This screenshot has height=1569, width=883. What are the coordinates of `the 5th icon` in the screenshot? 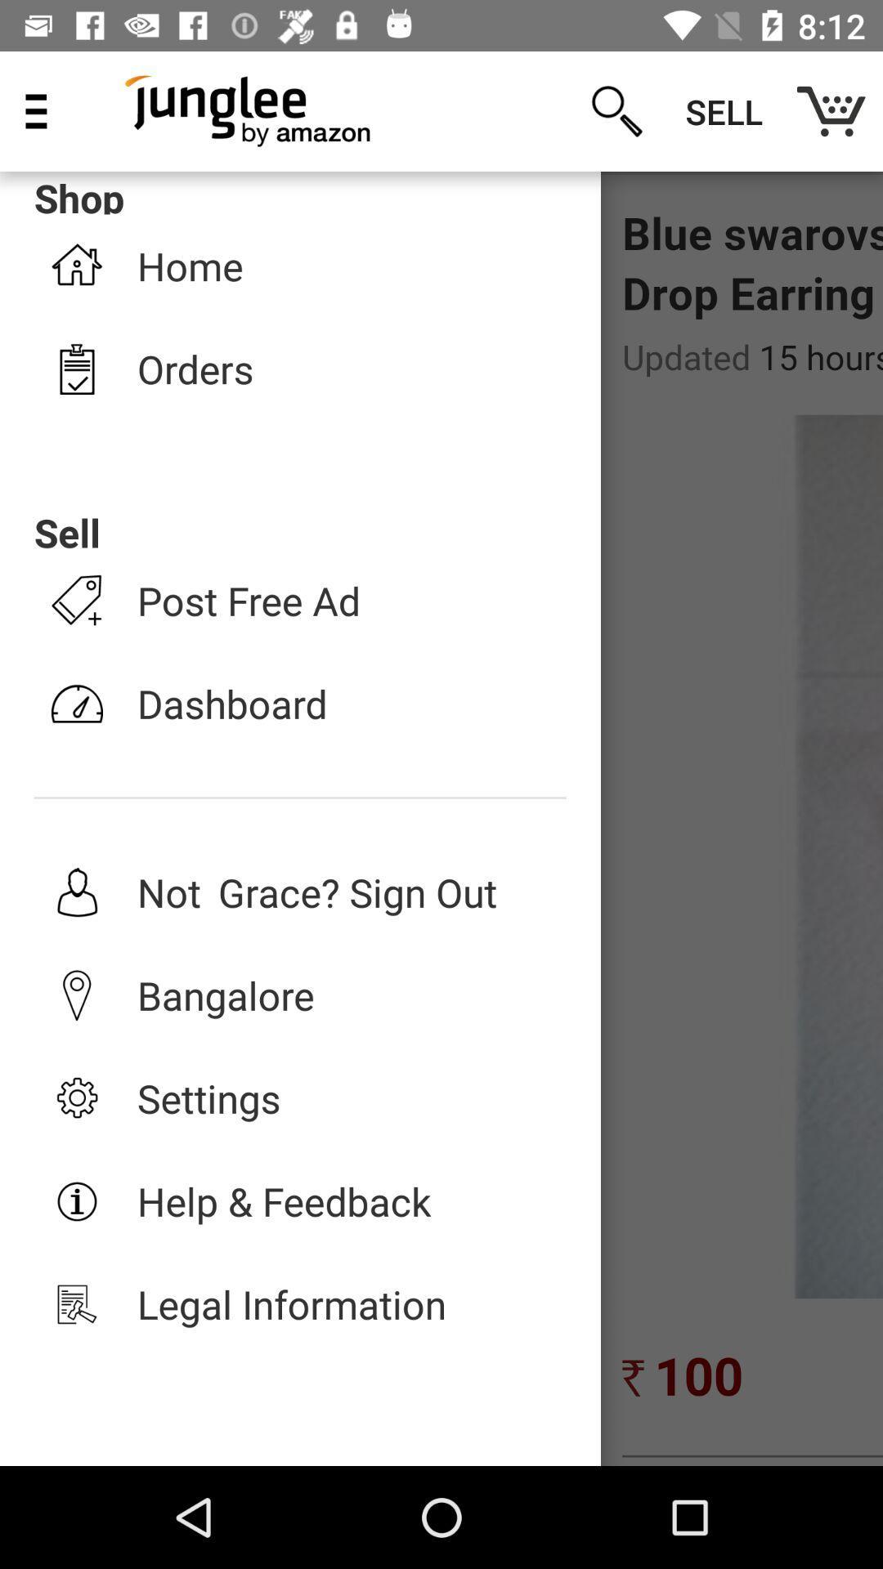 It's located at (77, 892).